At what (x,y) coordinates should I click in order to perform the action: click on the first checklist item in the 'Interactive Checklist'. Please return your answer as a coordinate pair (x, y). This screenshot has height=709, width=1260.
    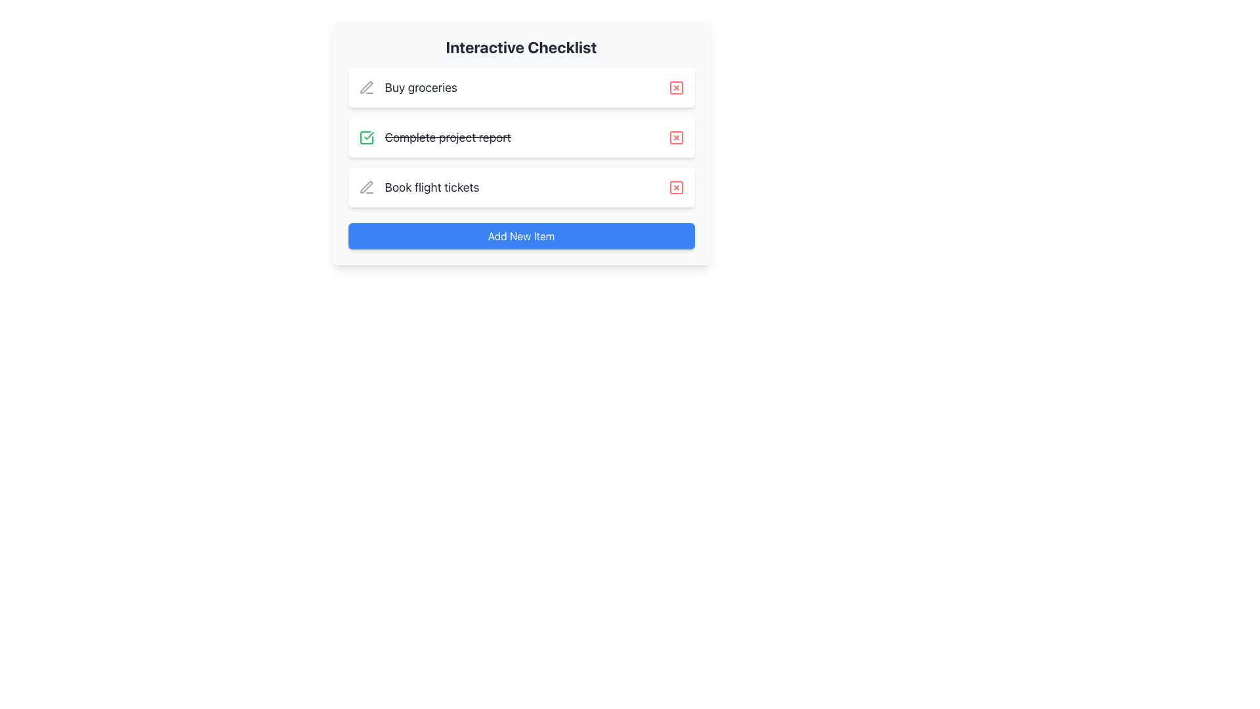
    Looking at the image, I should click on (520, 88).